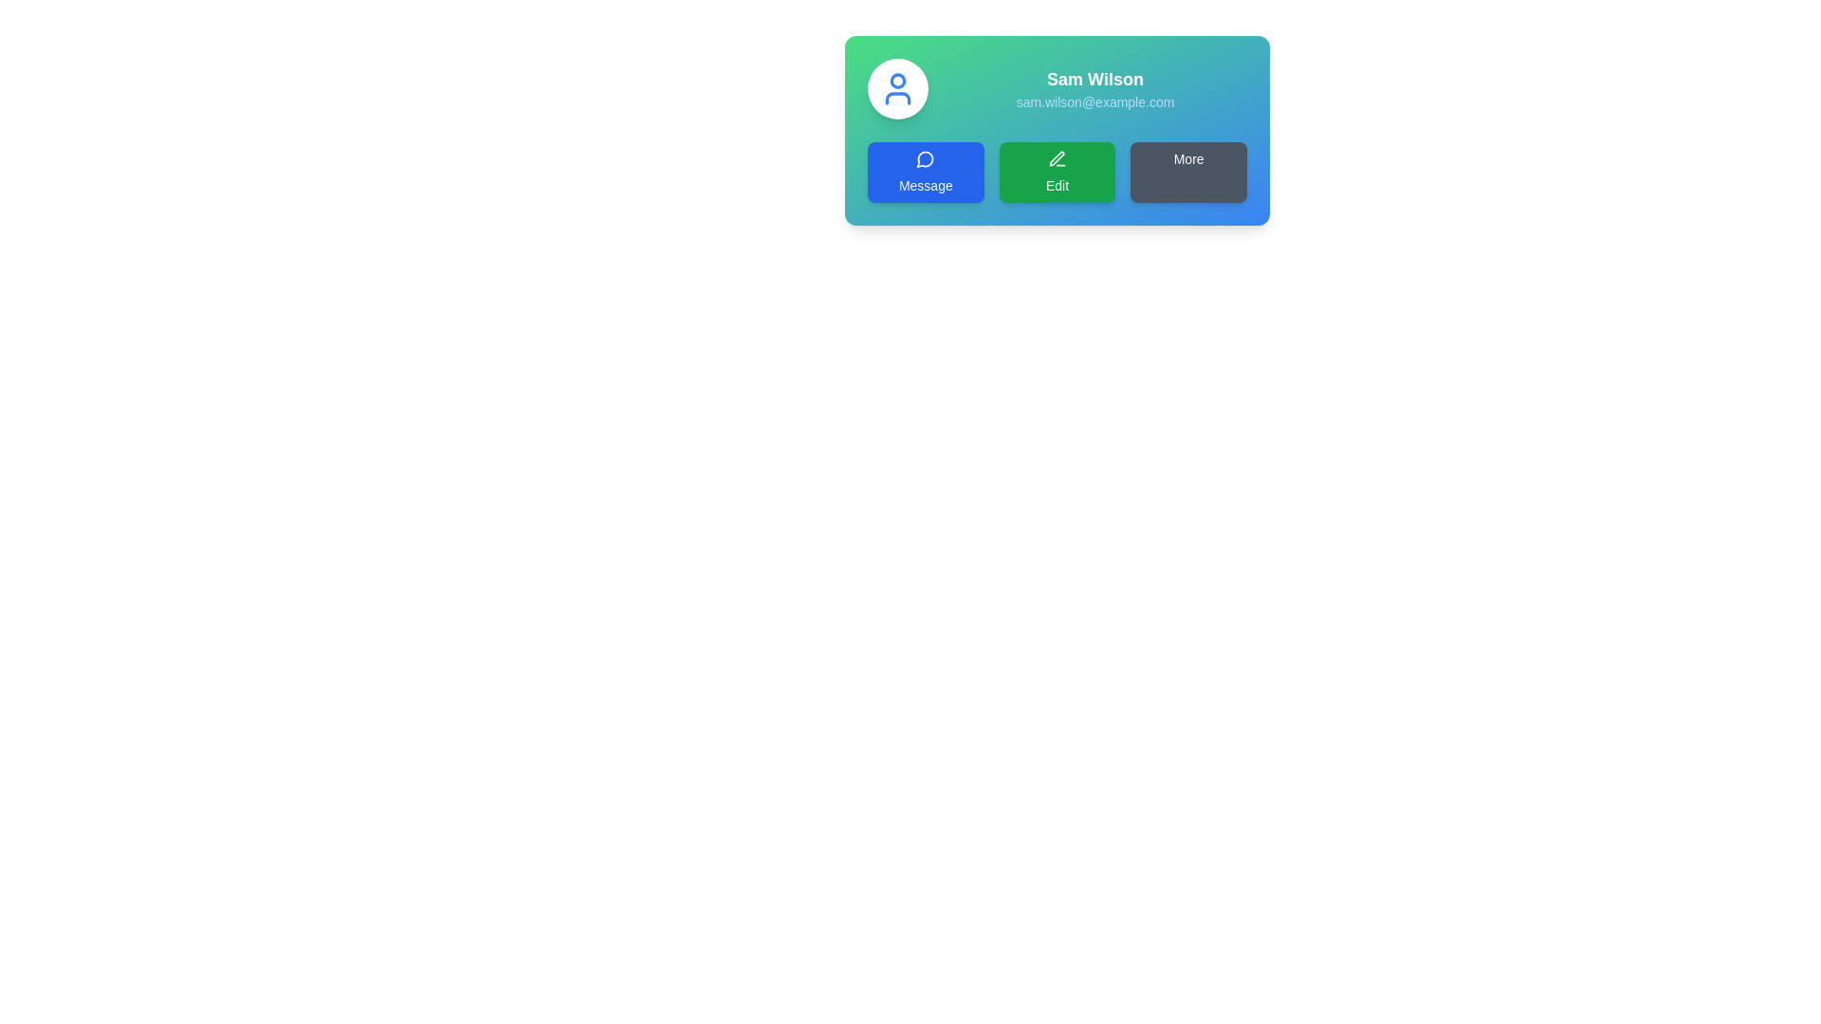 Image resolution: width=1821 pixels, height=1024 pixels. Describe the element at coordinates (1056, 172) in the screenshot. I see `the green 'Edit' button located between the 'Message' button and the 'More' button at the bottom of the user information card` at that location.